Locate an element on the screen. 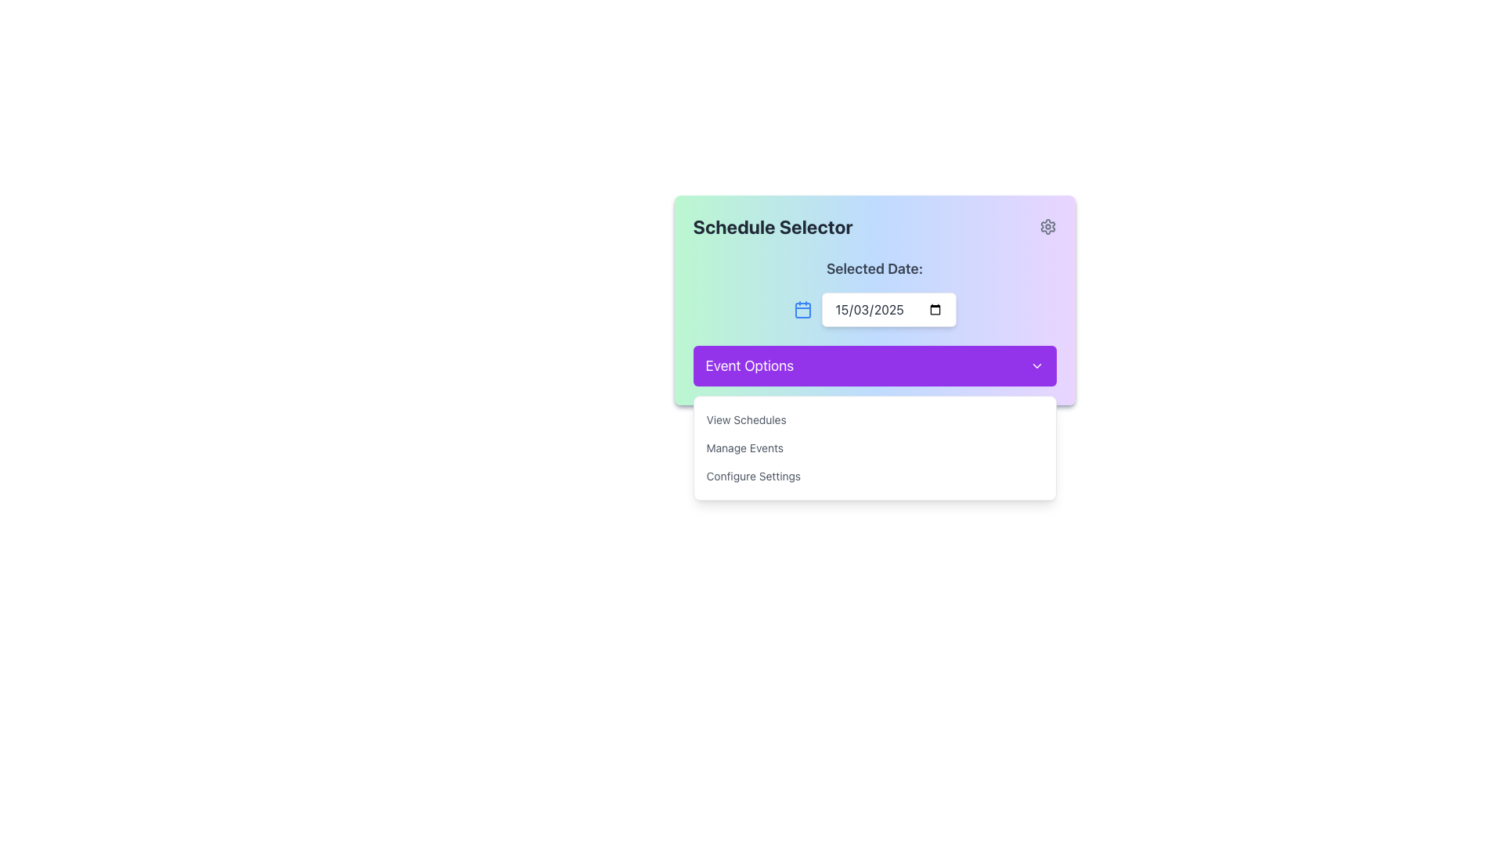  the downward-pointing chevron icon located on the far right of the 'Event Options' button to trigger tooltip or visual feedback is located at coordinates (1036, 365).